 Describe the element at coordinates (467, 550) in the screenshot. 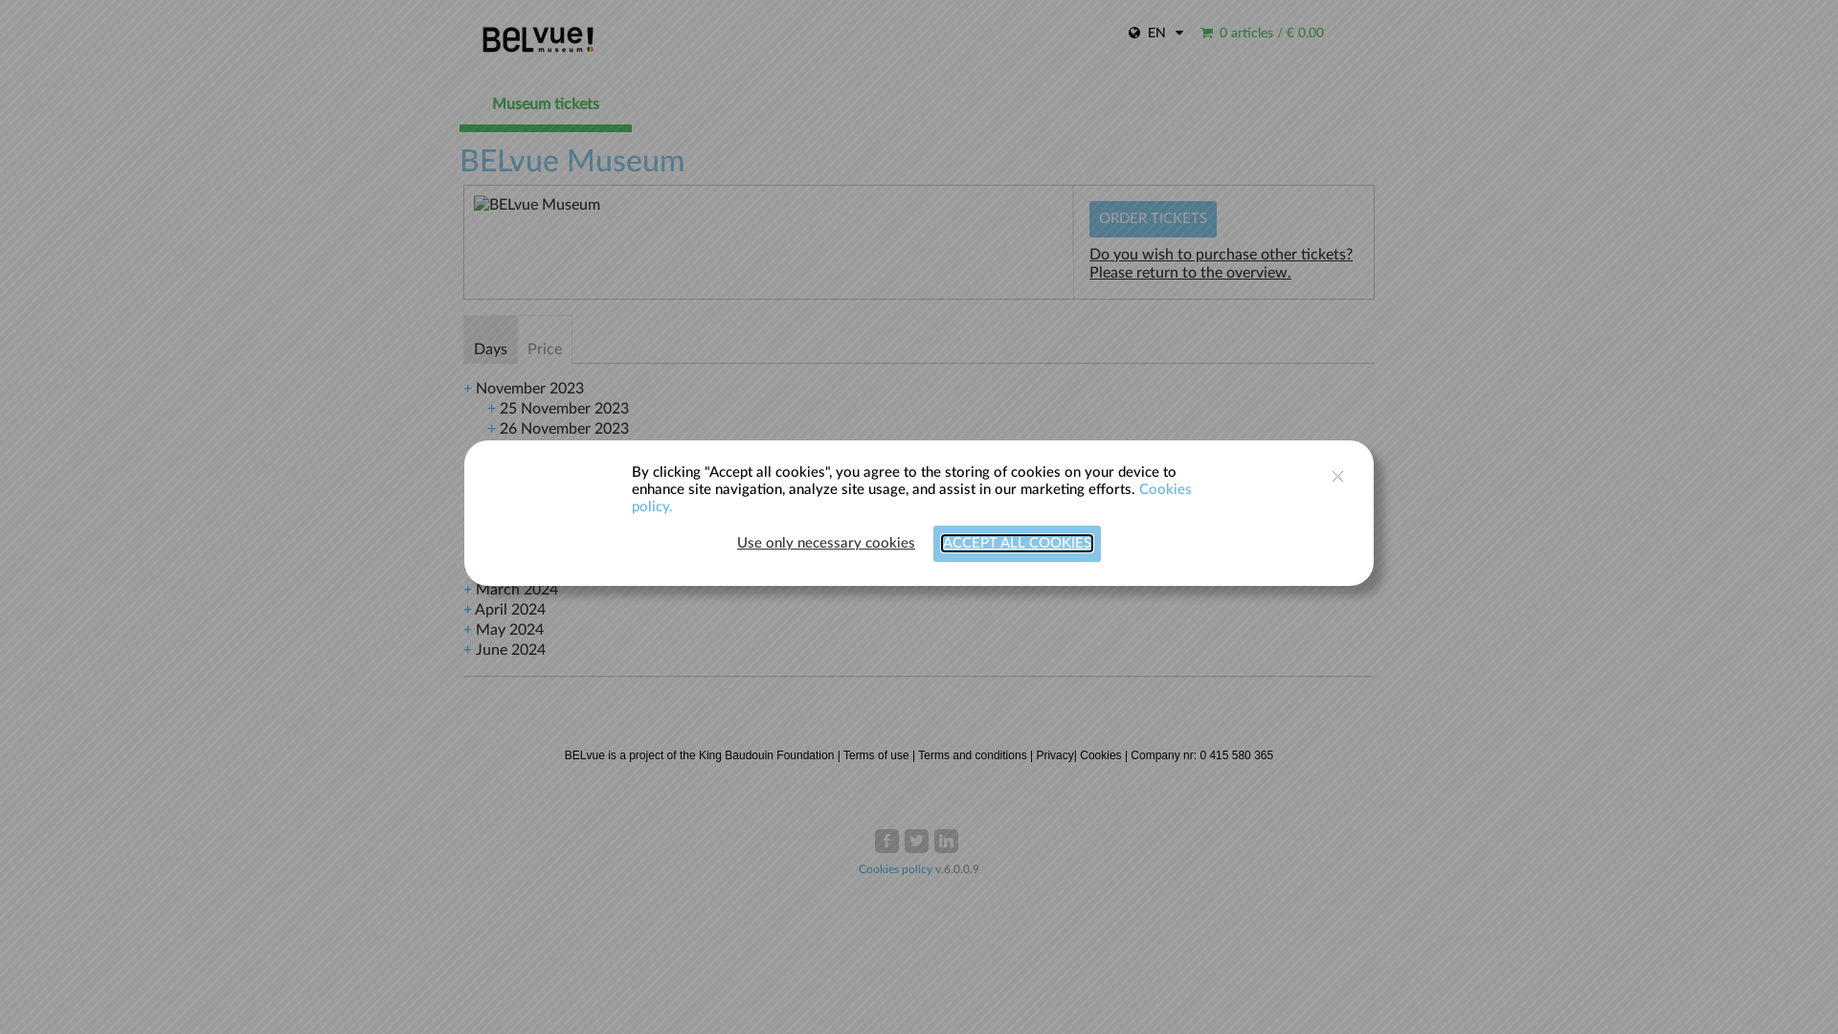

I see `'+'` at that location.